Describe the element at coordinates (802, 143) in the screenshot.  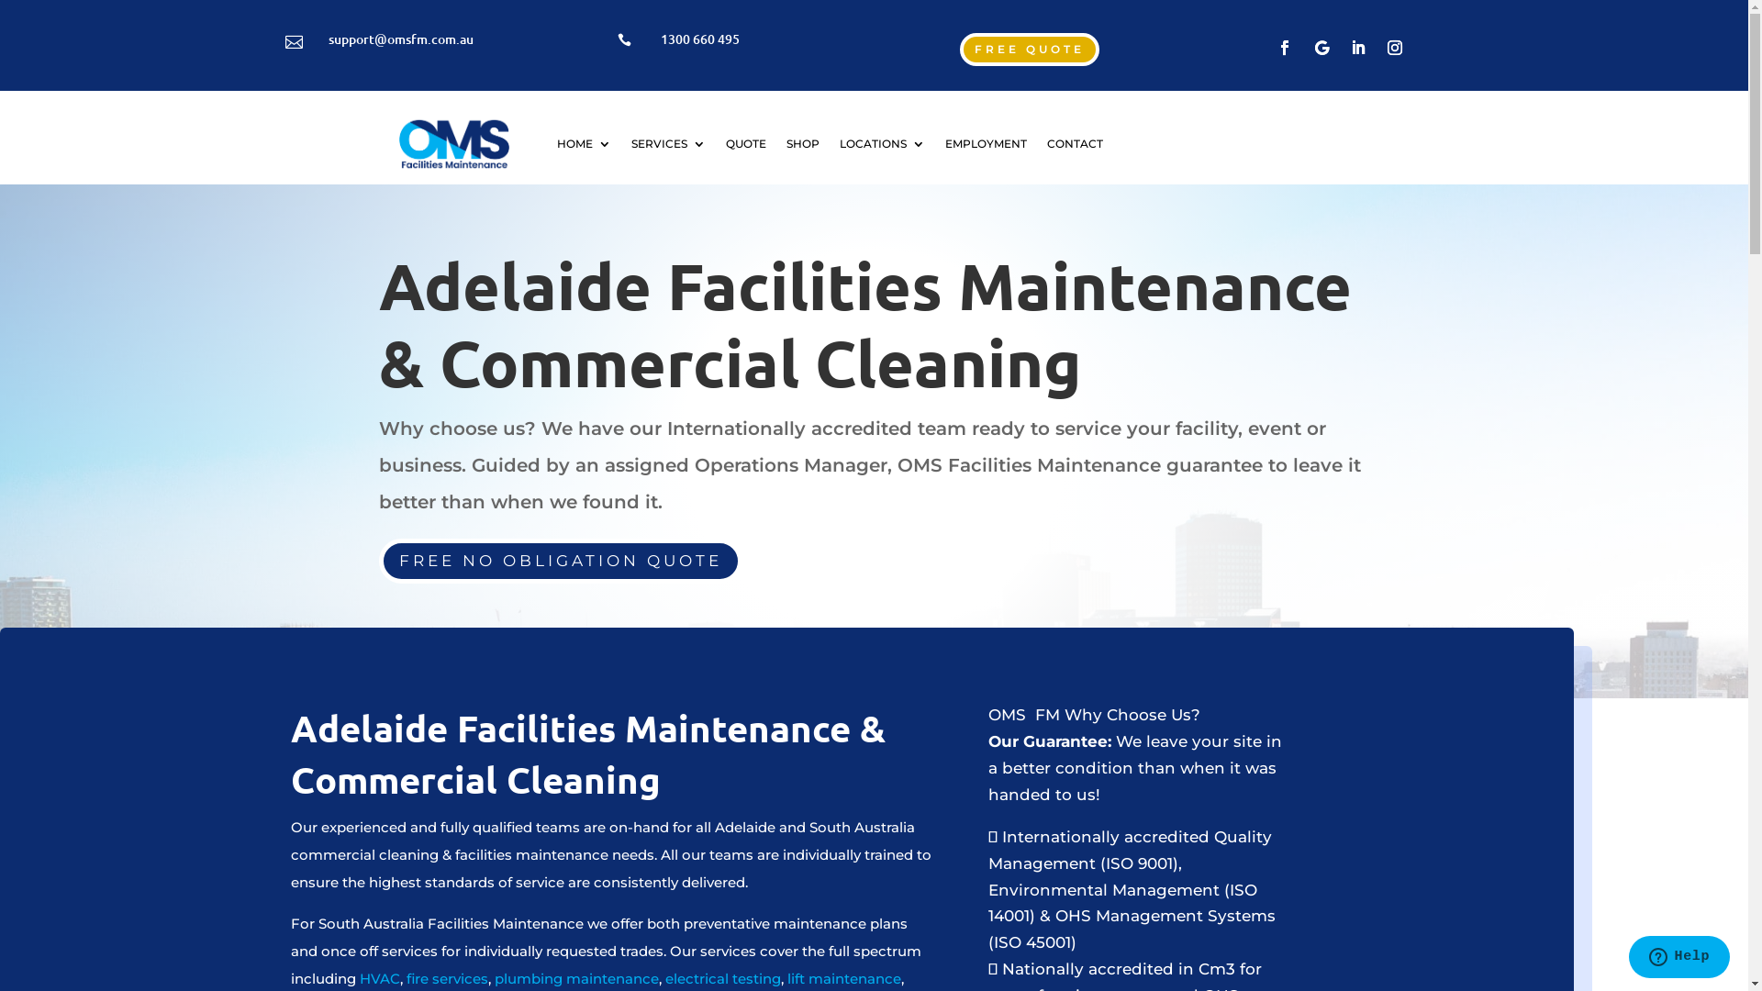
I see `'SHOP'` at that location.